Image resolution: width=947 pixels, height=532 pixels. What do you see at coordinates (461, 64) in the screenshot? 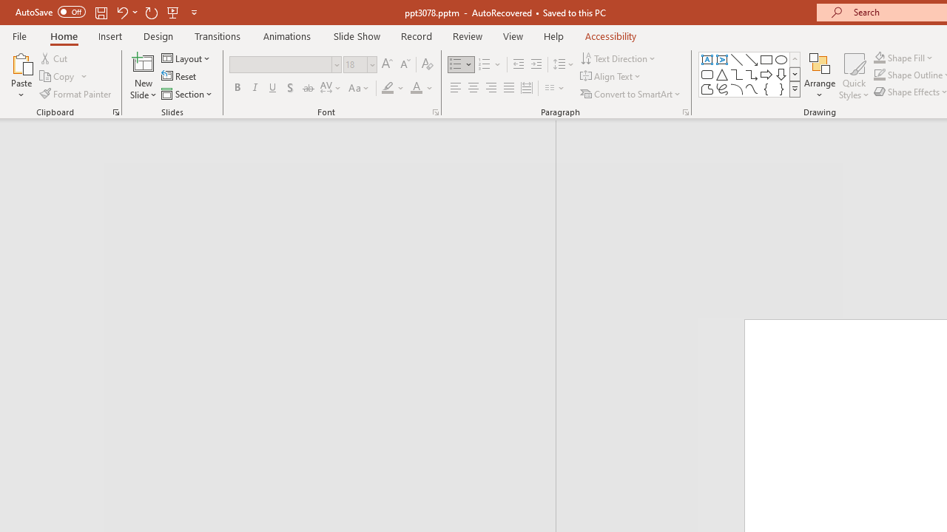
I see `'Bullets'` at bounding box center [461, 64].